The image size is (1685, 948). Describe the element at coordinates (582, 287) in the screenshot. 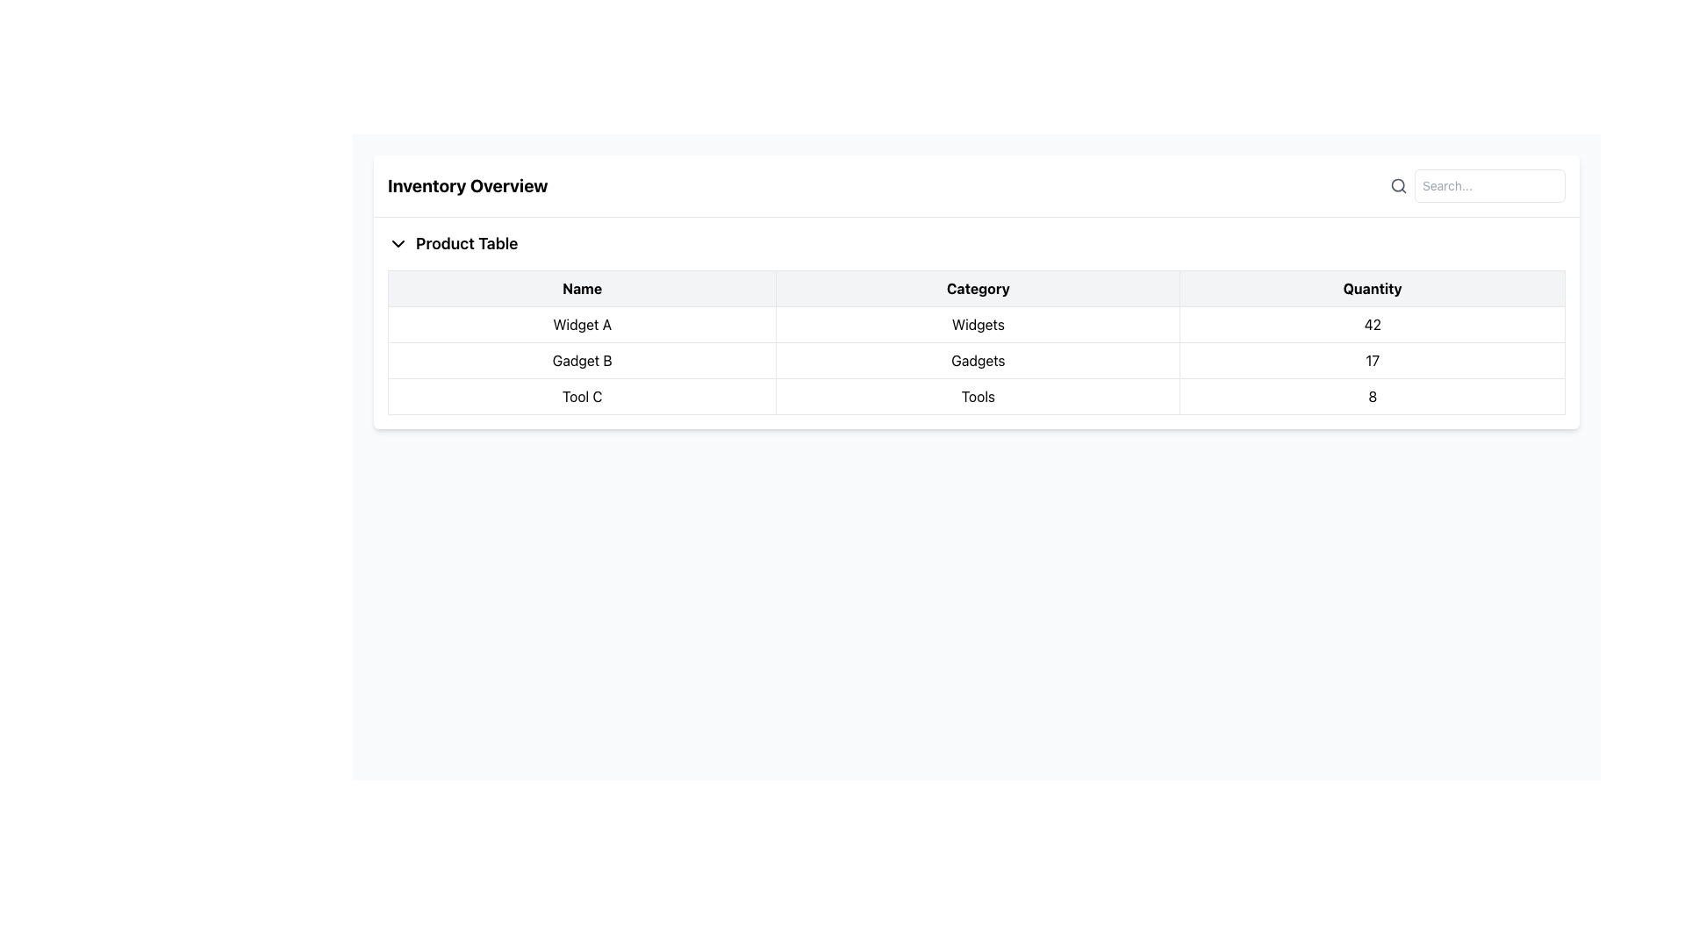

I see `the Table Header Cell labeled 'Name' which is the first header in the Product Table, positioned to the left of 'Category' and 'Quantity'` at that location.